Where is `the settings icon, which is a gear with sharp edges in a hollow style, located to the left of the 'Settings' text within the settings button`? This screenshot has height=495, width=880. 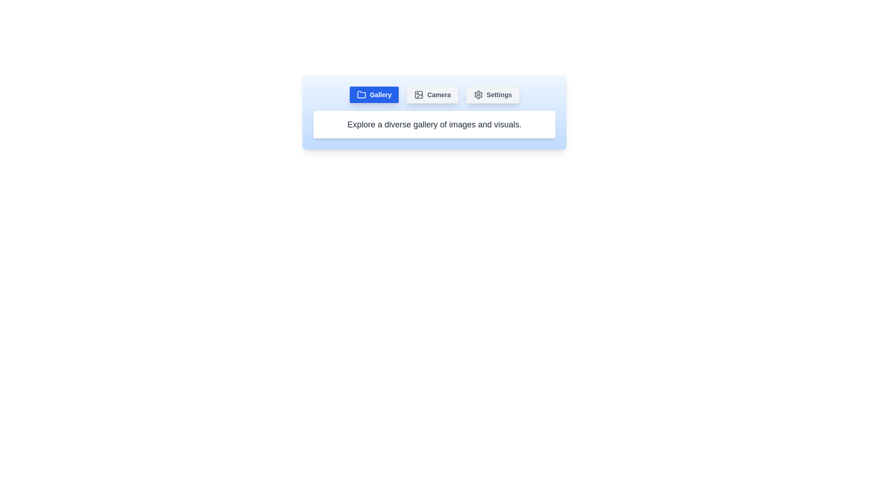
the settings icon, which is a gear with sharp edges in a hollow style, located to the left of the 'Settings' text within the settings button is located at coordinates (478, 95).